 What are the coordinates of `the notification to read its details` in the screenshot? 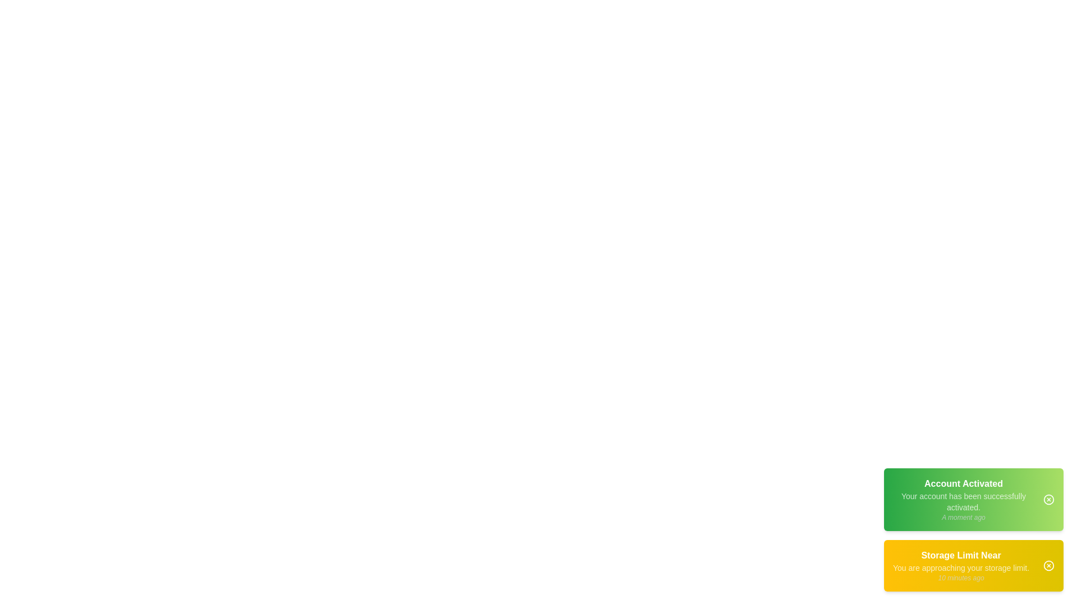 It's located at (973, 499).